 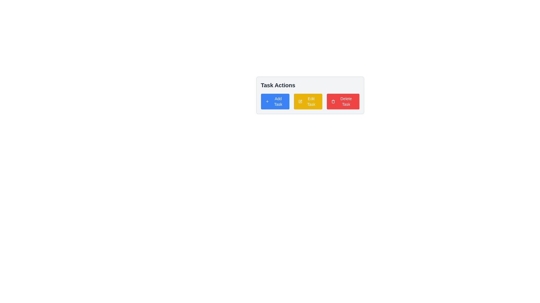 I want to click on the yellow 'Edit Task' button with a pen icon to trigger visual feedback, so click(x=308, y=102).